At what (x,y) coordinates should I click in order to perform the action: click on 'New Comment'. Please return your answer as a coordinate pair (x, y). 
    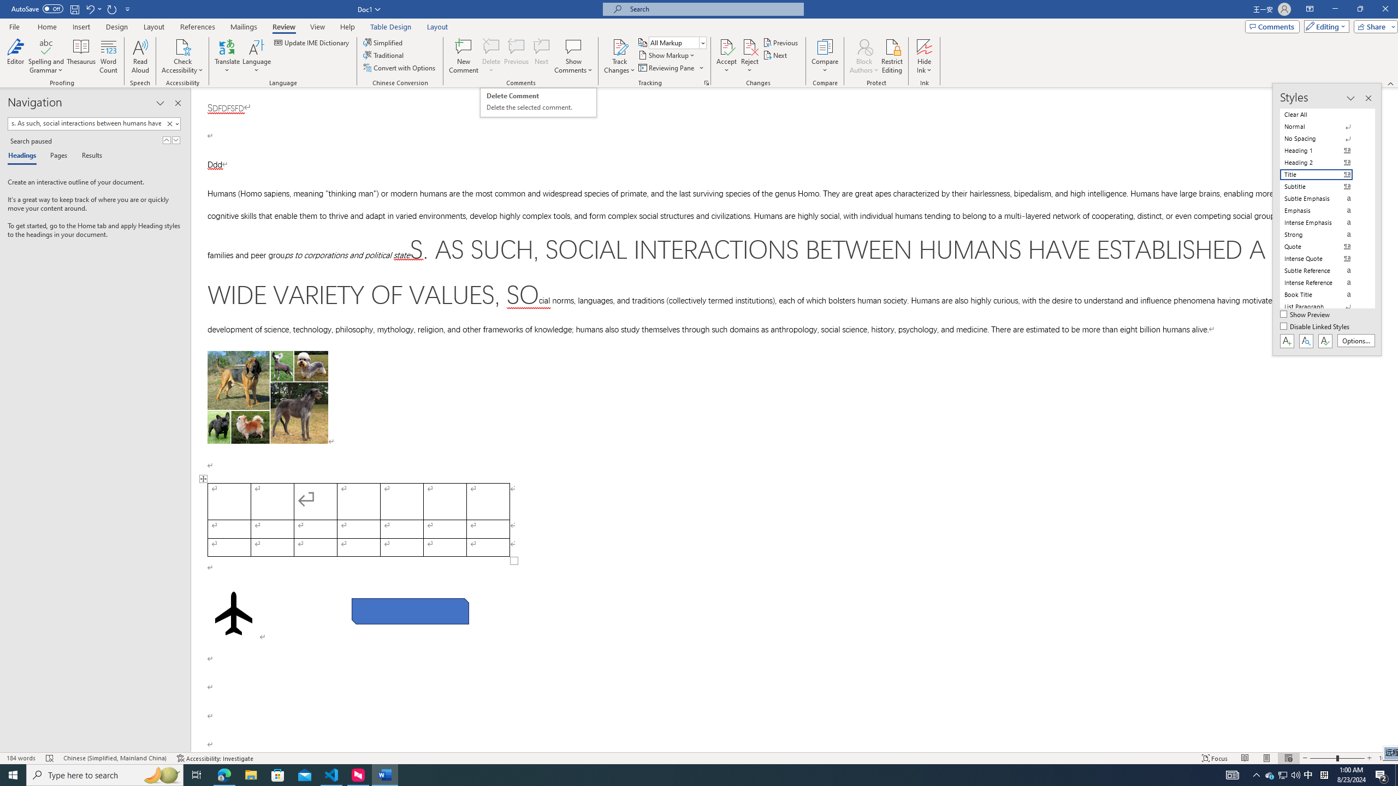
    Looking at the image, I should click on (463, 56).